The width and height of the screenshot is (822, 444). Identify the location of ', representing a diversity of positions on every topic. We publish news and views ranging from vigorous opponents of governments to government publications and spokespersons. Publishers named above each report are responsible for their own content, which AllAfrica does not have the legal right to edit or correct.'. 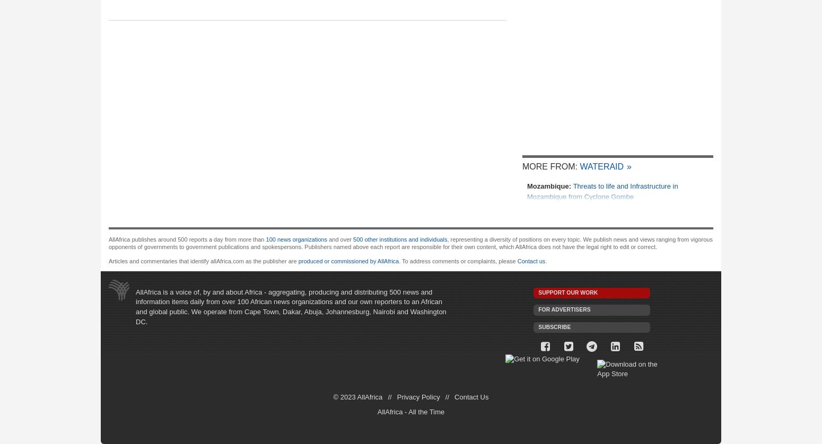
(410, 243).